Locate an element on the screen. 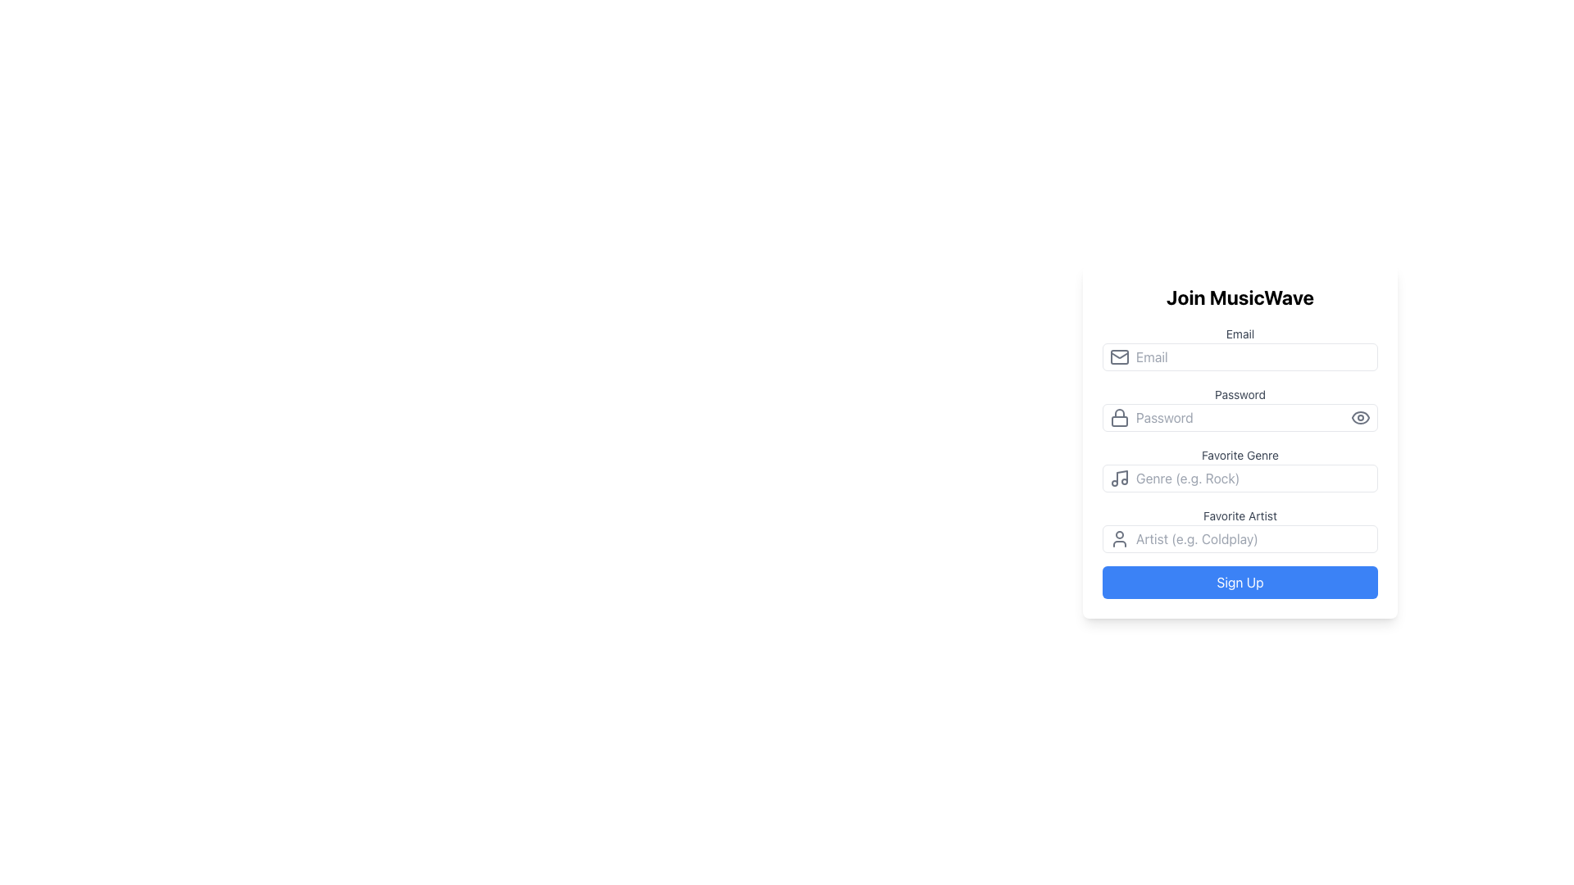  the 'Favorite Genre' text label, which is styled in a smaller gray font and positioned above an input box in the middle-right section of the interface is located at coordinates (1240, 455).